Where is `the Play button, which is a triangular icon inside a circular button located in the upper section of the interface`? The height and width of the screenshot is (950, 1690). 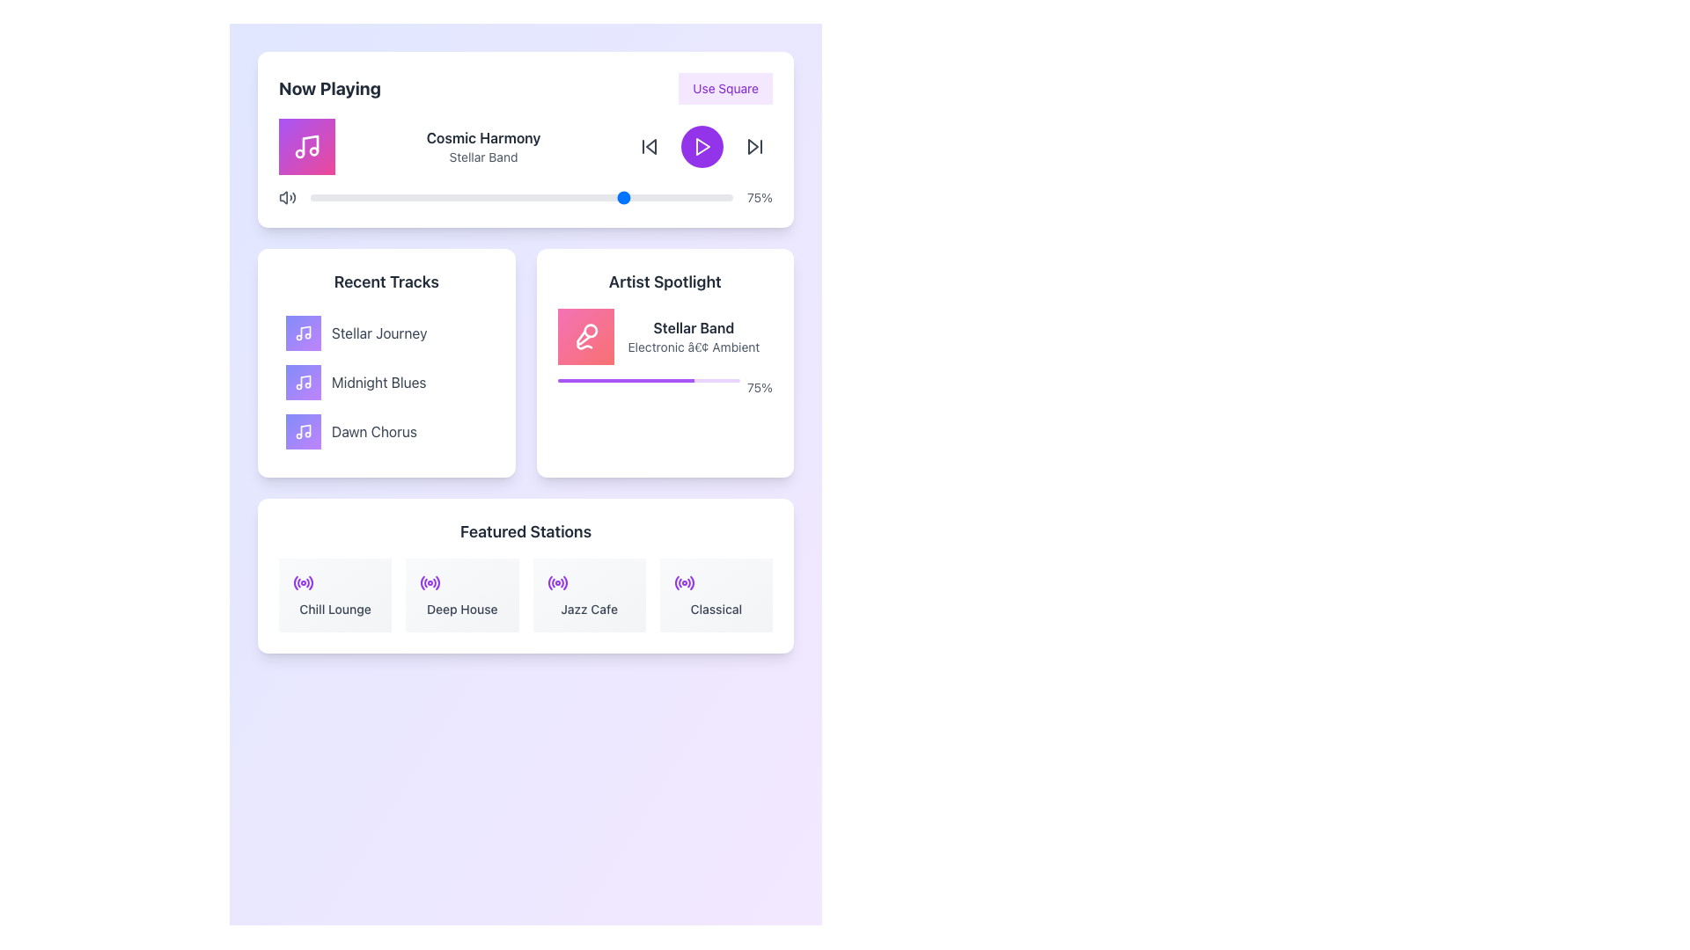
the Play button, which is a triangular icon inside a circular button located in the upper section of the interface is located at coordinates (702, 145).